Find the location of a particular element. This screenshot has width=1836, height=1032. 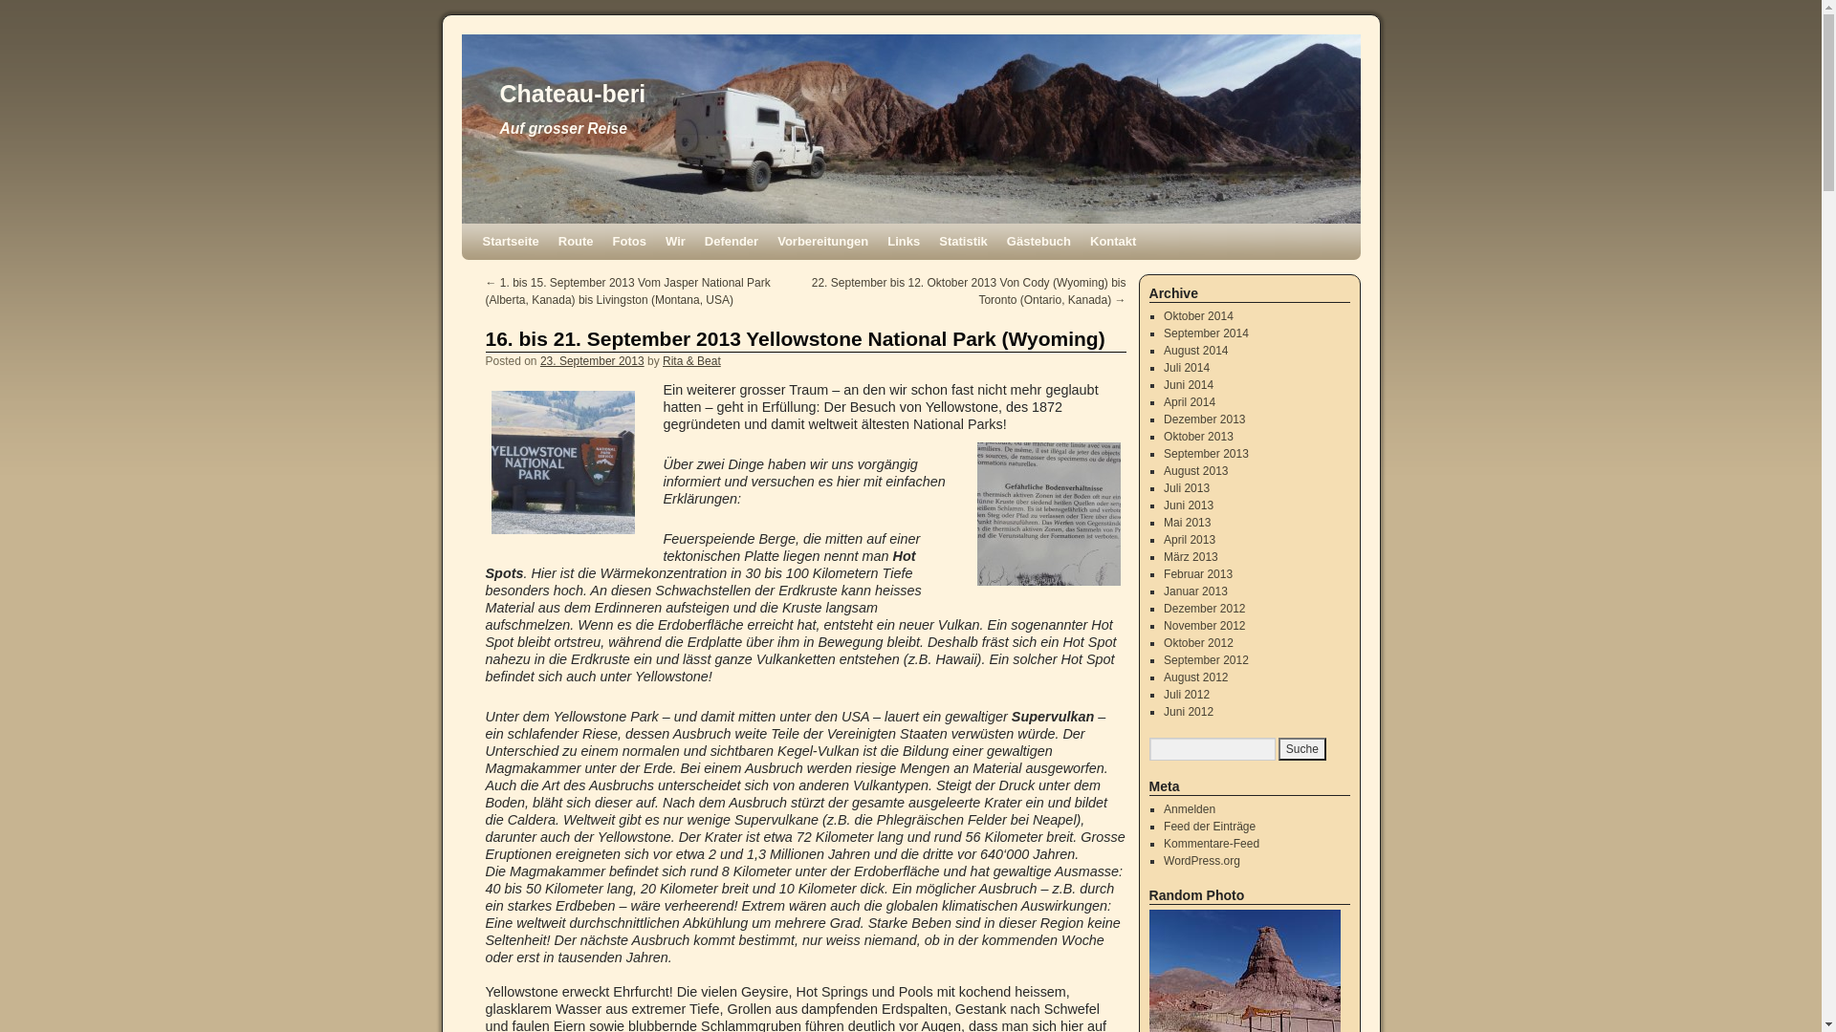

'Kommentare-Feed' is located at coordinates (1211, 843).